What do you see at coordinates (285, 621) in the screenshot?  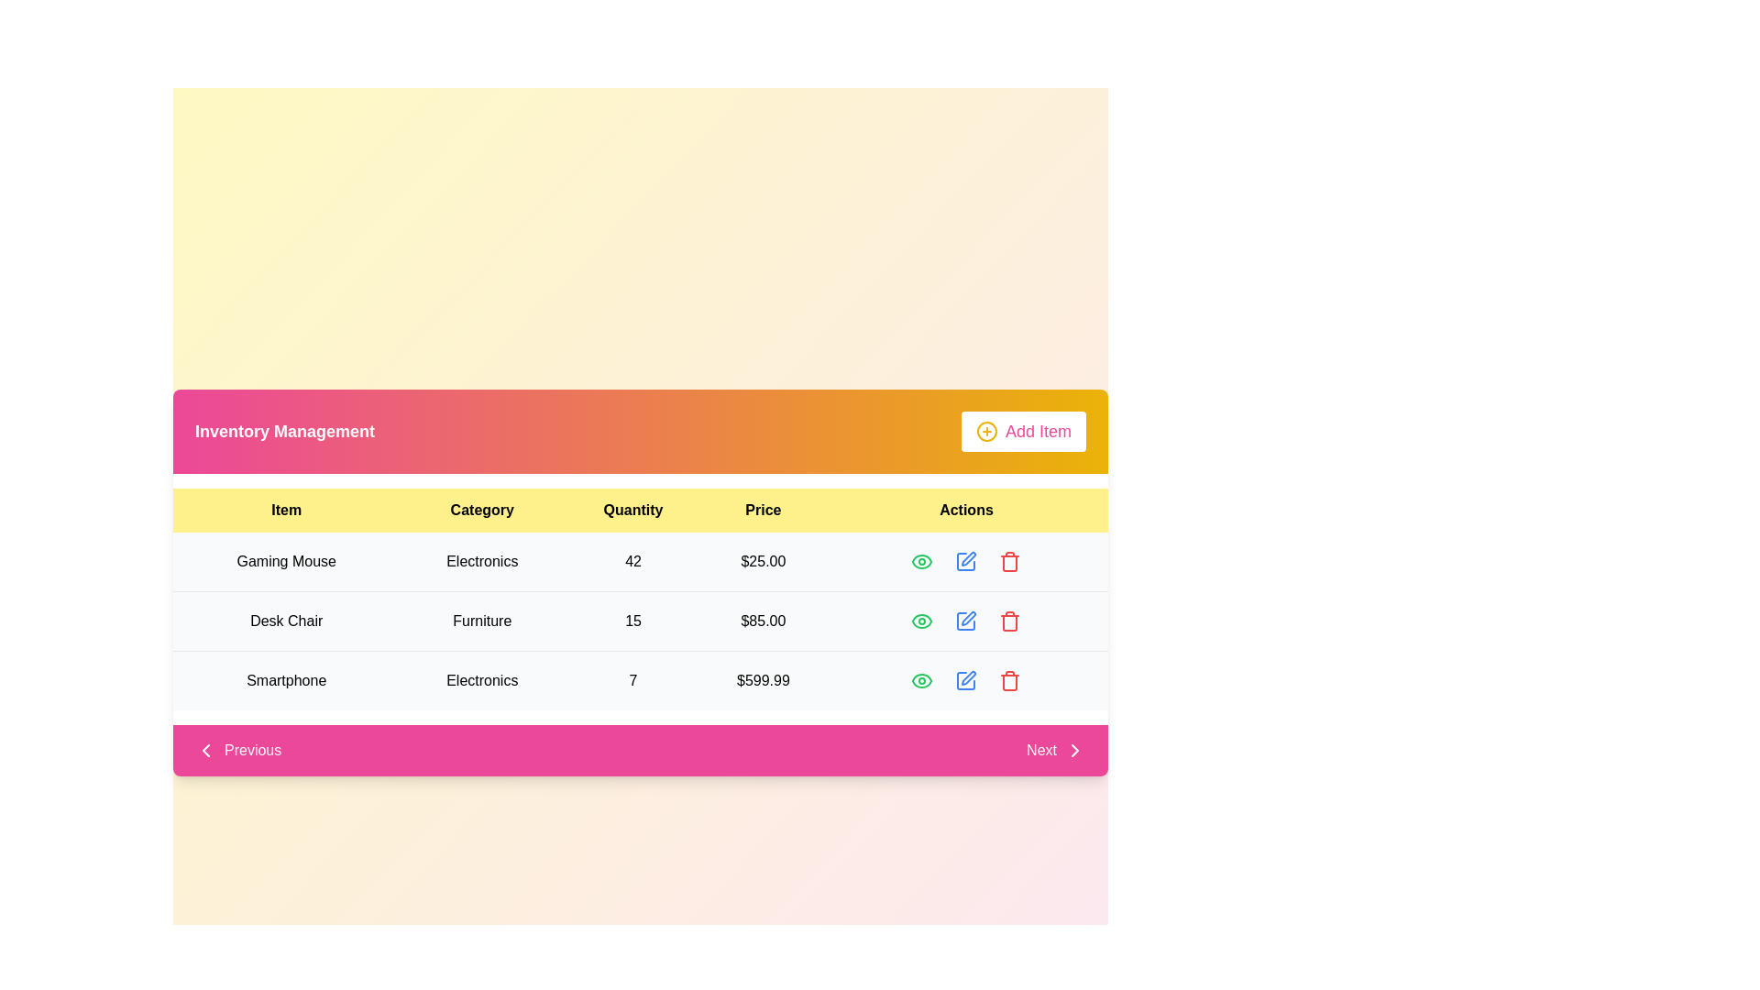 I see `the text label identifying the product name in the second row of the 'Item' column in the table` at bounding box center [285, 621].